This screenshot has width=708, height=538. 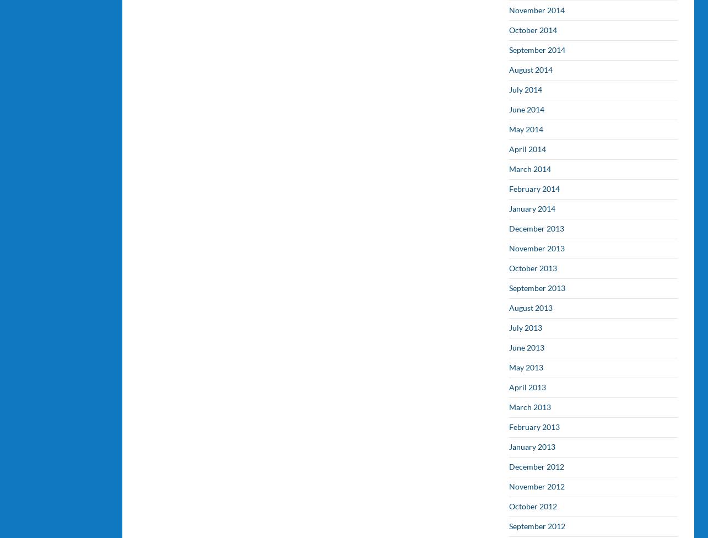 I want to click on 'December 2012', so click(x=537, y=466).